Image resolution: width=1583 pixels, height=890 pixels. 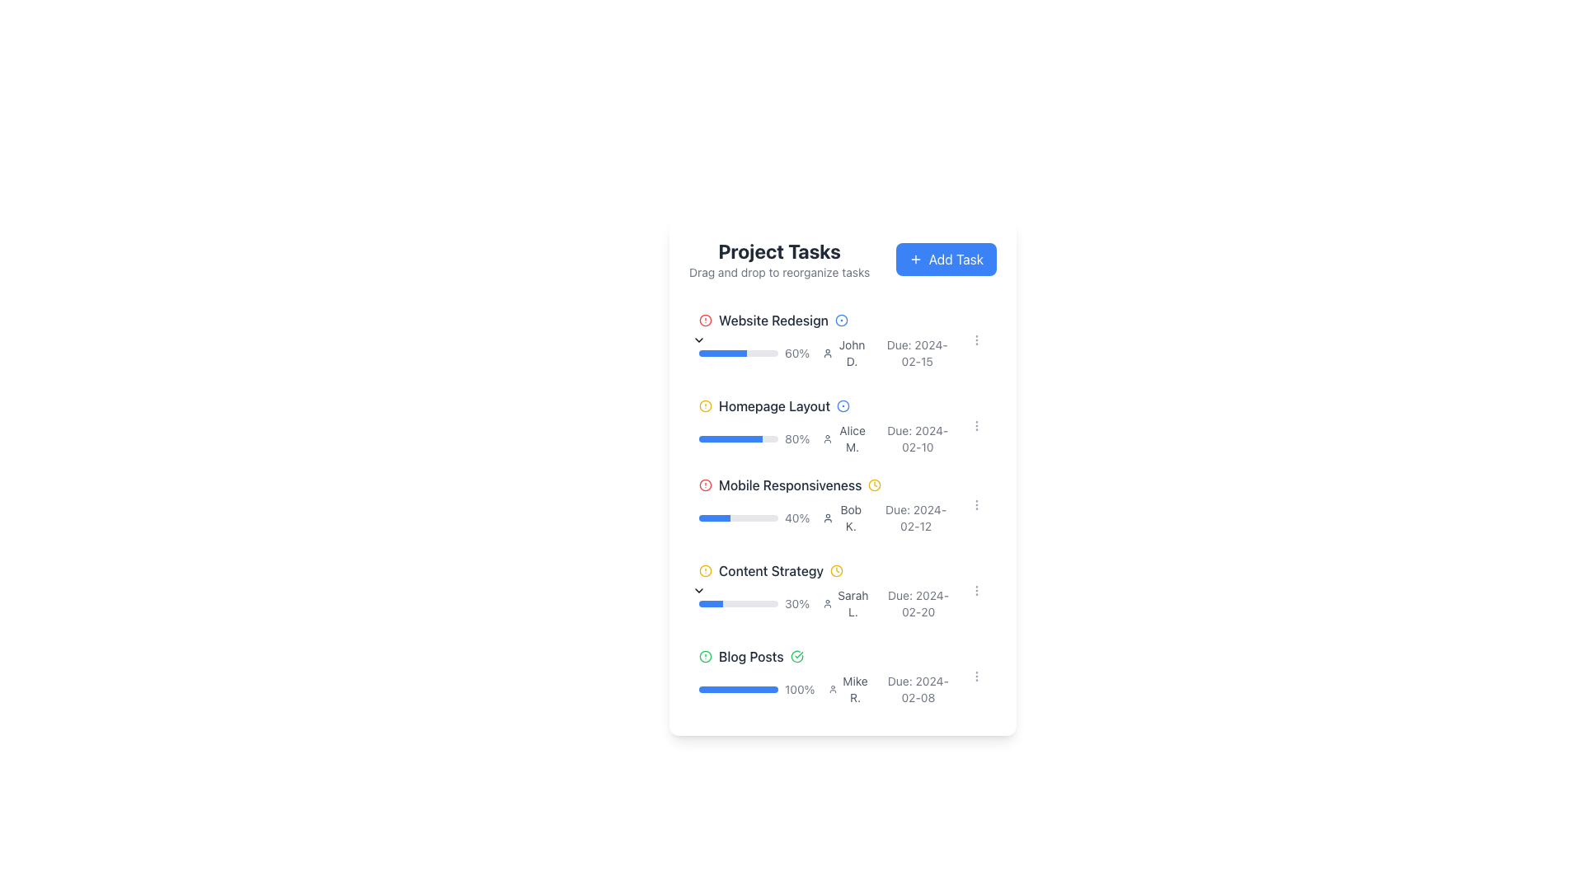 I want to click on the user icon associated with the task 'Mobile Responsiveness', which is positioned to the immediate left of the text 'Bob K.' in the task list, so click(x=828, y=517).